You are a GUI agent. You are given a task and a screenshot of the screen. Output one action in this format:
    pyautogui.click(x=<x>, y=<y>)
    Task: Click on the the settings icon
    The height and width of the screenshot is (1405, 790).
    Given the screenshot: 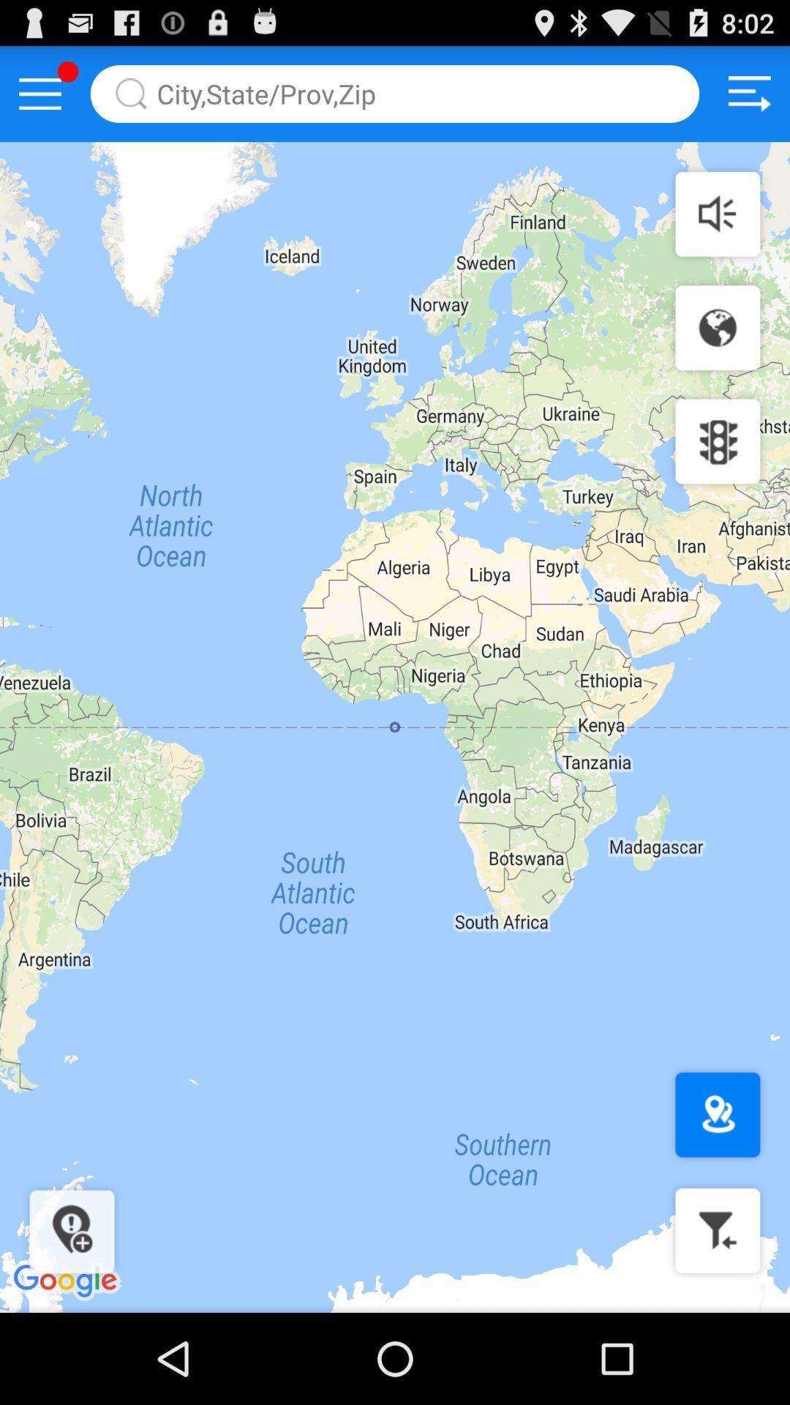 What is the action you would take?
    pyautogui.click(x=717, y=472)
    